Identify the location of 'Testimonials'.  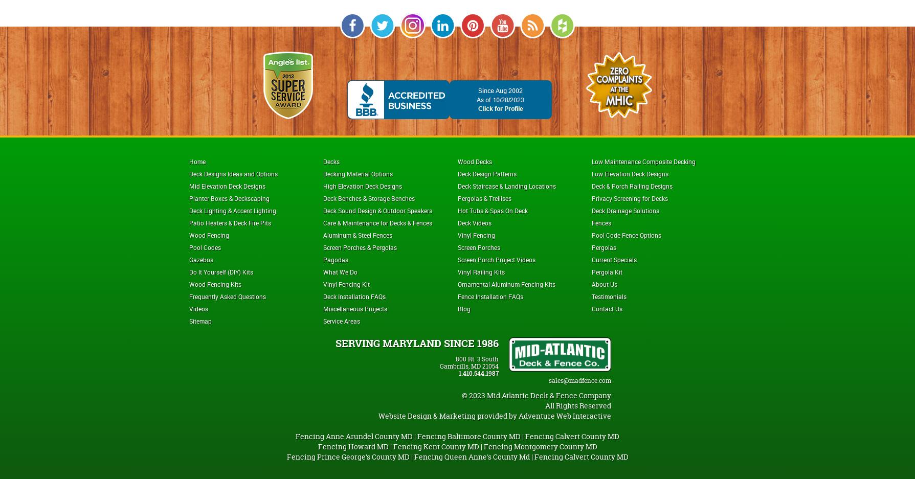
(608, 295).